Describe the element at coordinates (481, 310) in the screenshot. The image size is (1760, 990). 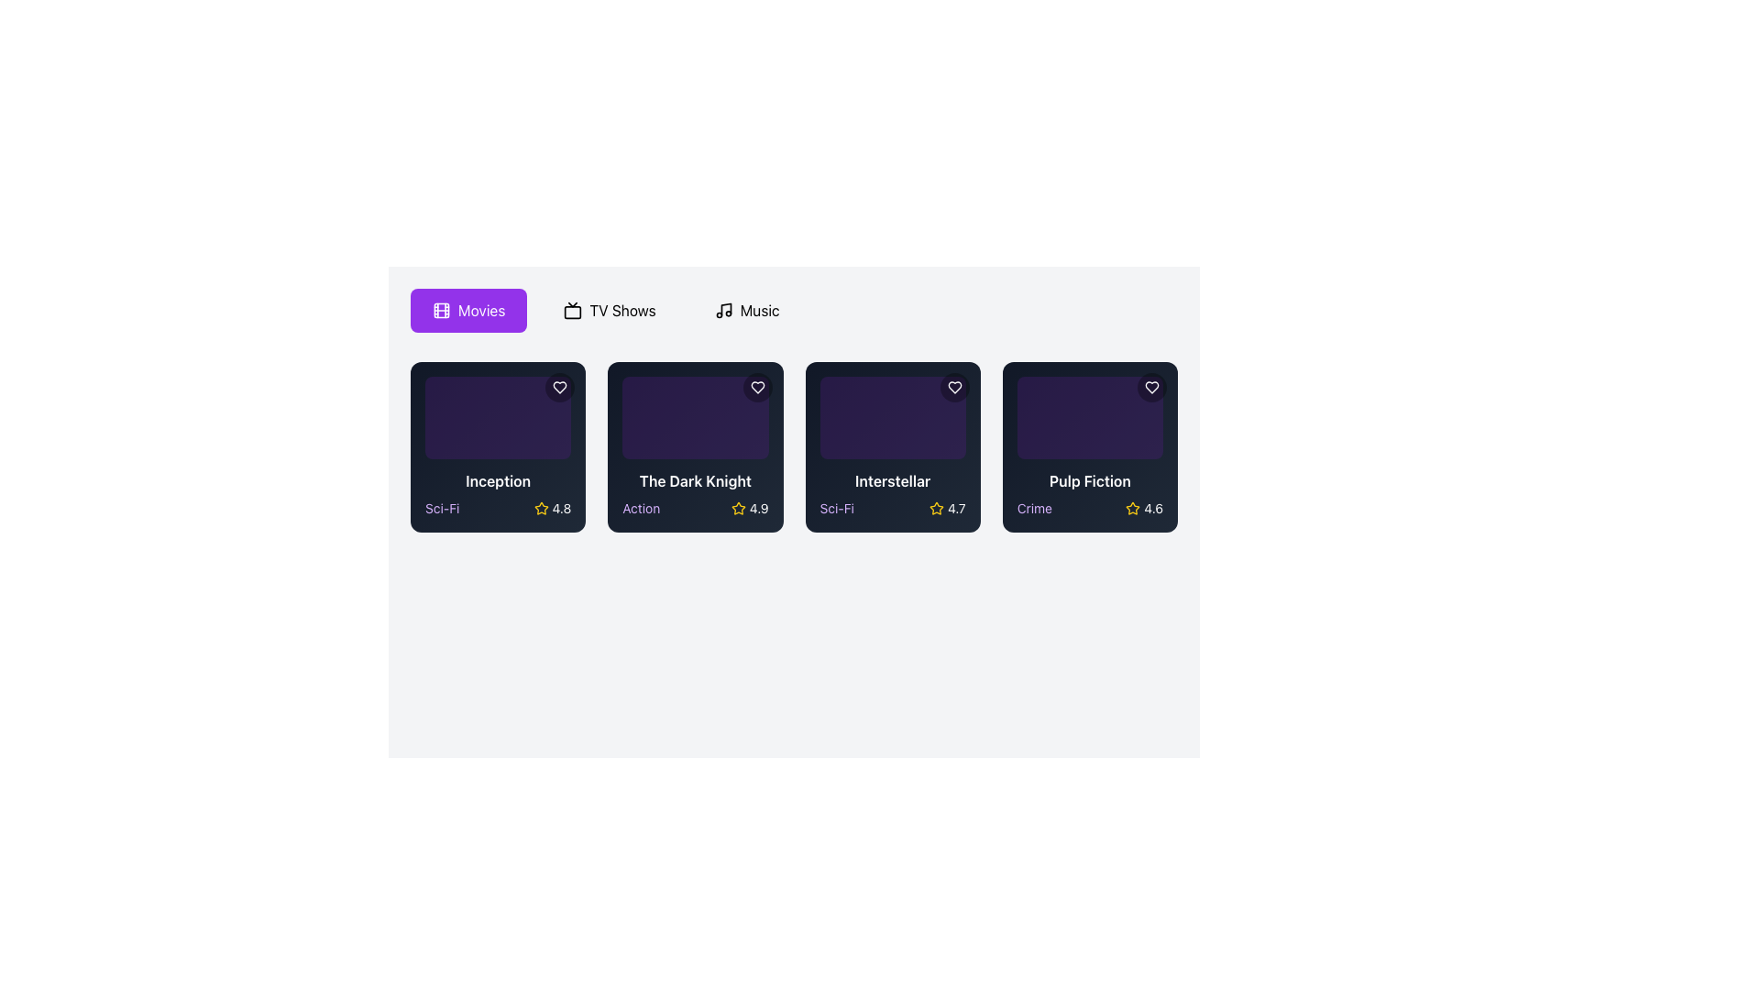
I see `the 'Movies' text label, which is styled in white font against a purple background` at that location.